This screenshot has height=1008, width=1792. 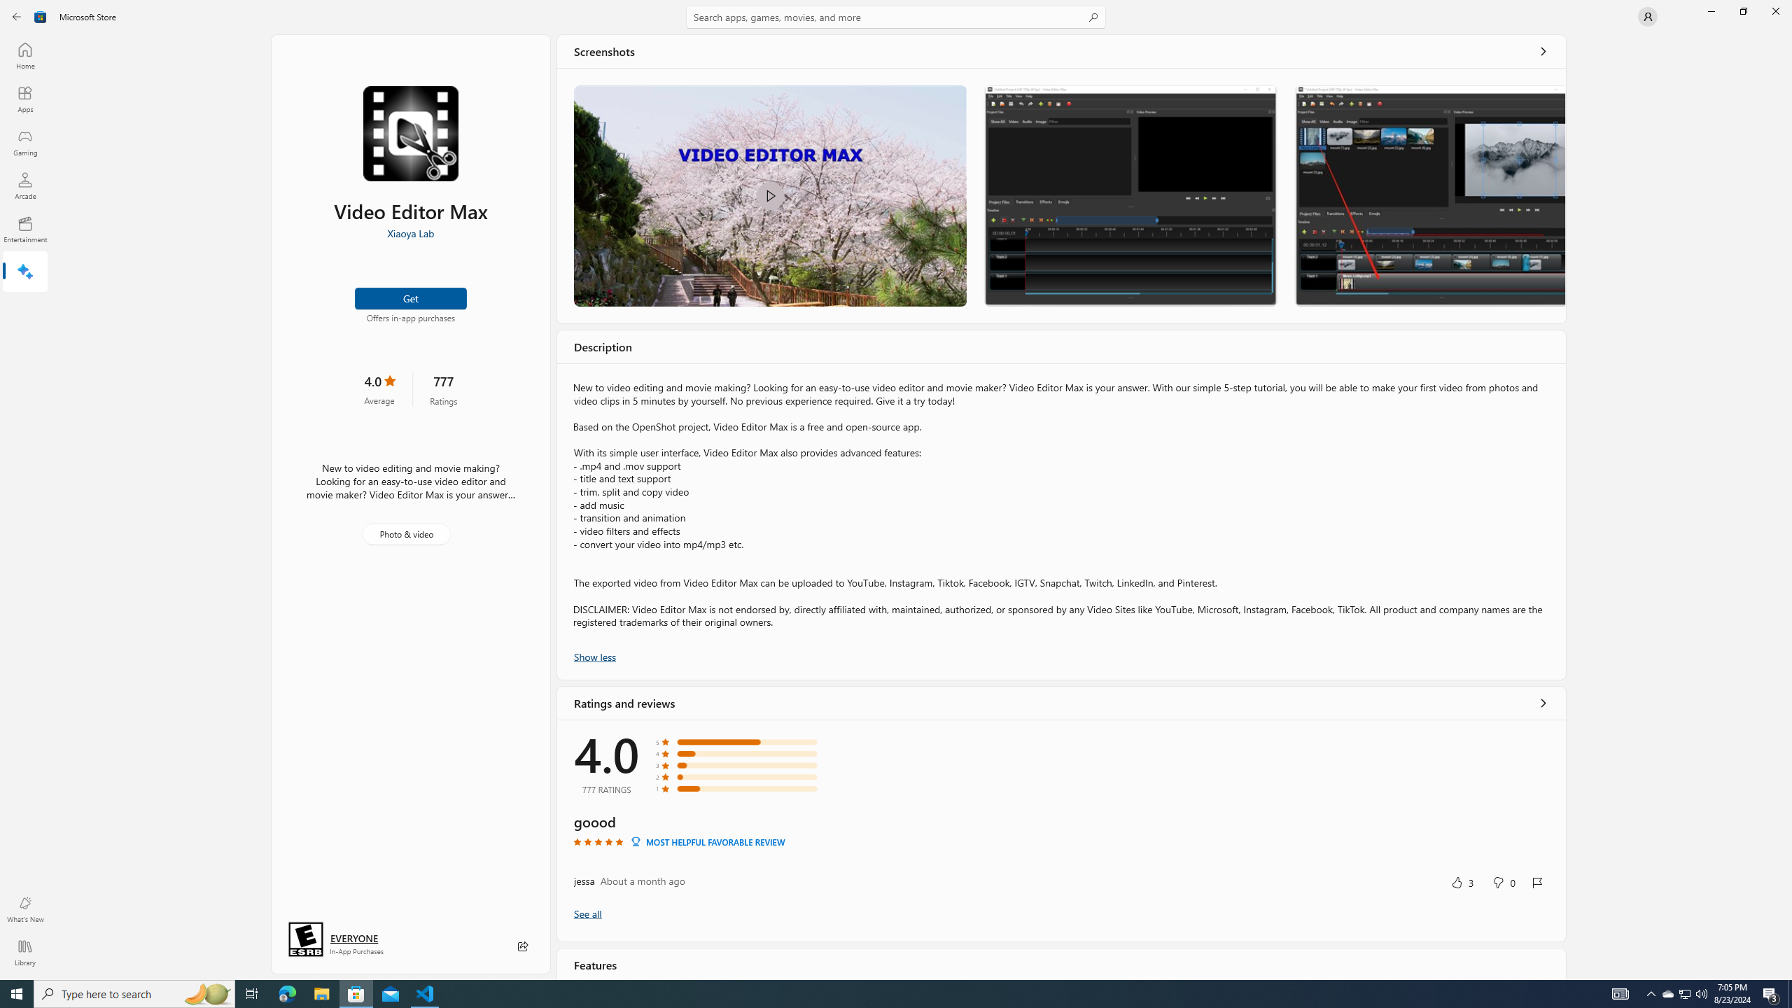 I want to click on 'Gaming', so click(x=24, y=141).